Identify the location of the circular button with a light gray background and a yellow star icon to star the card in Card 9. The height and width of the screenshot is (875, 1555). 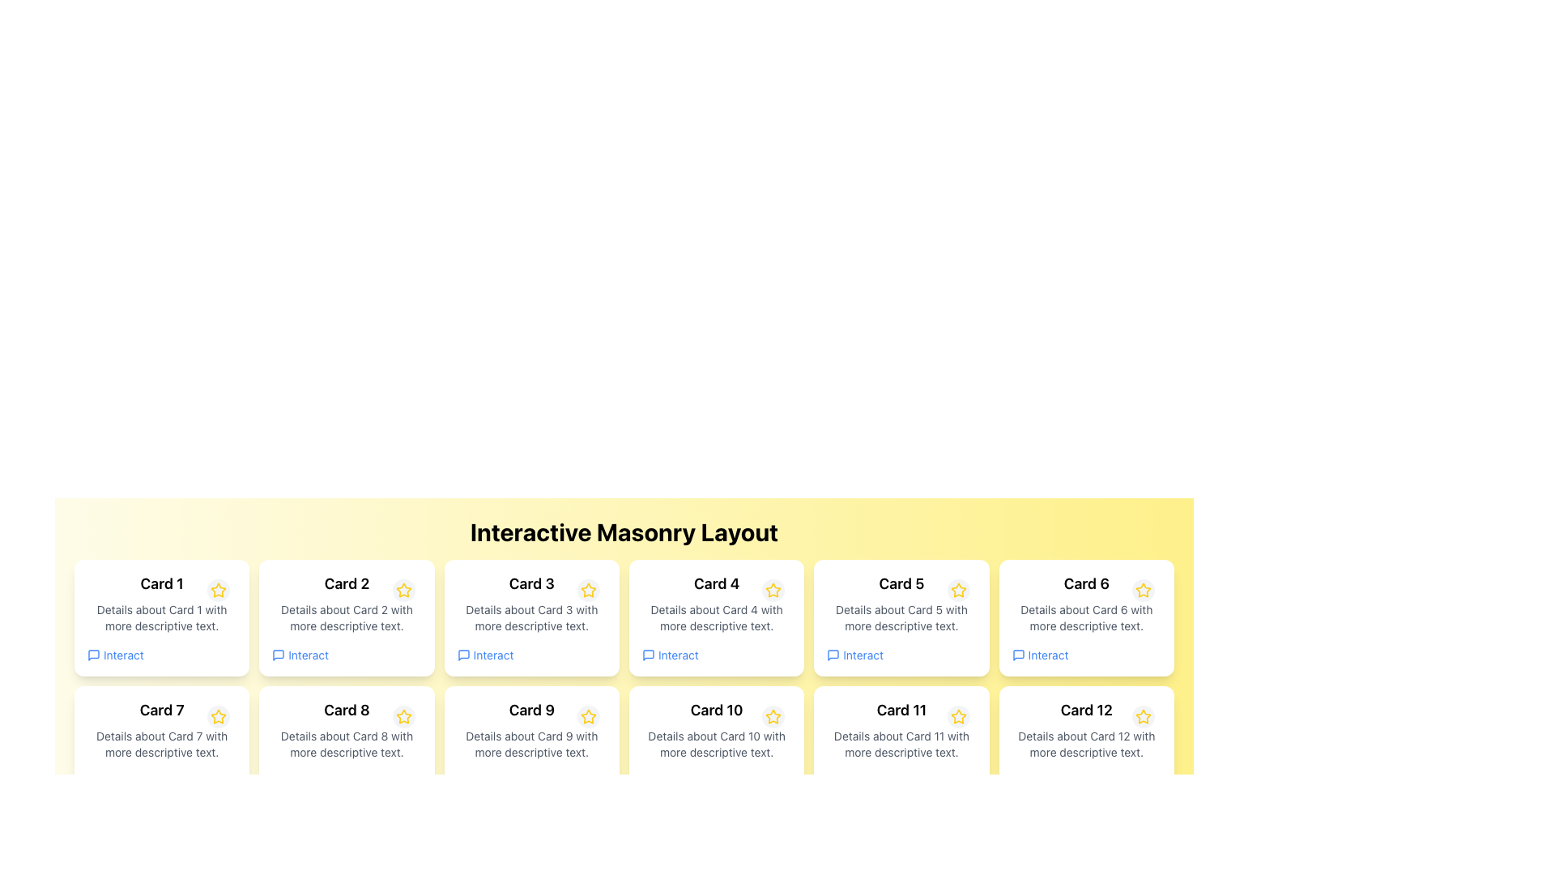
(587, 715).